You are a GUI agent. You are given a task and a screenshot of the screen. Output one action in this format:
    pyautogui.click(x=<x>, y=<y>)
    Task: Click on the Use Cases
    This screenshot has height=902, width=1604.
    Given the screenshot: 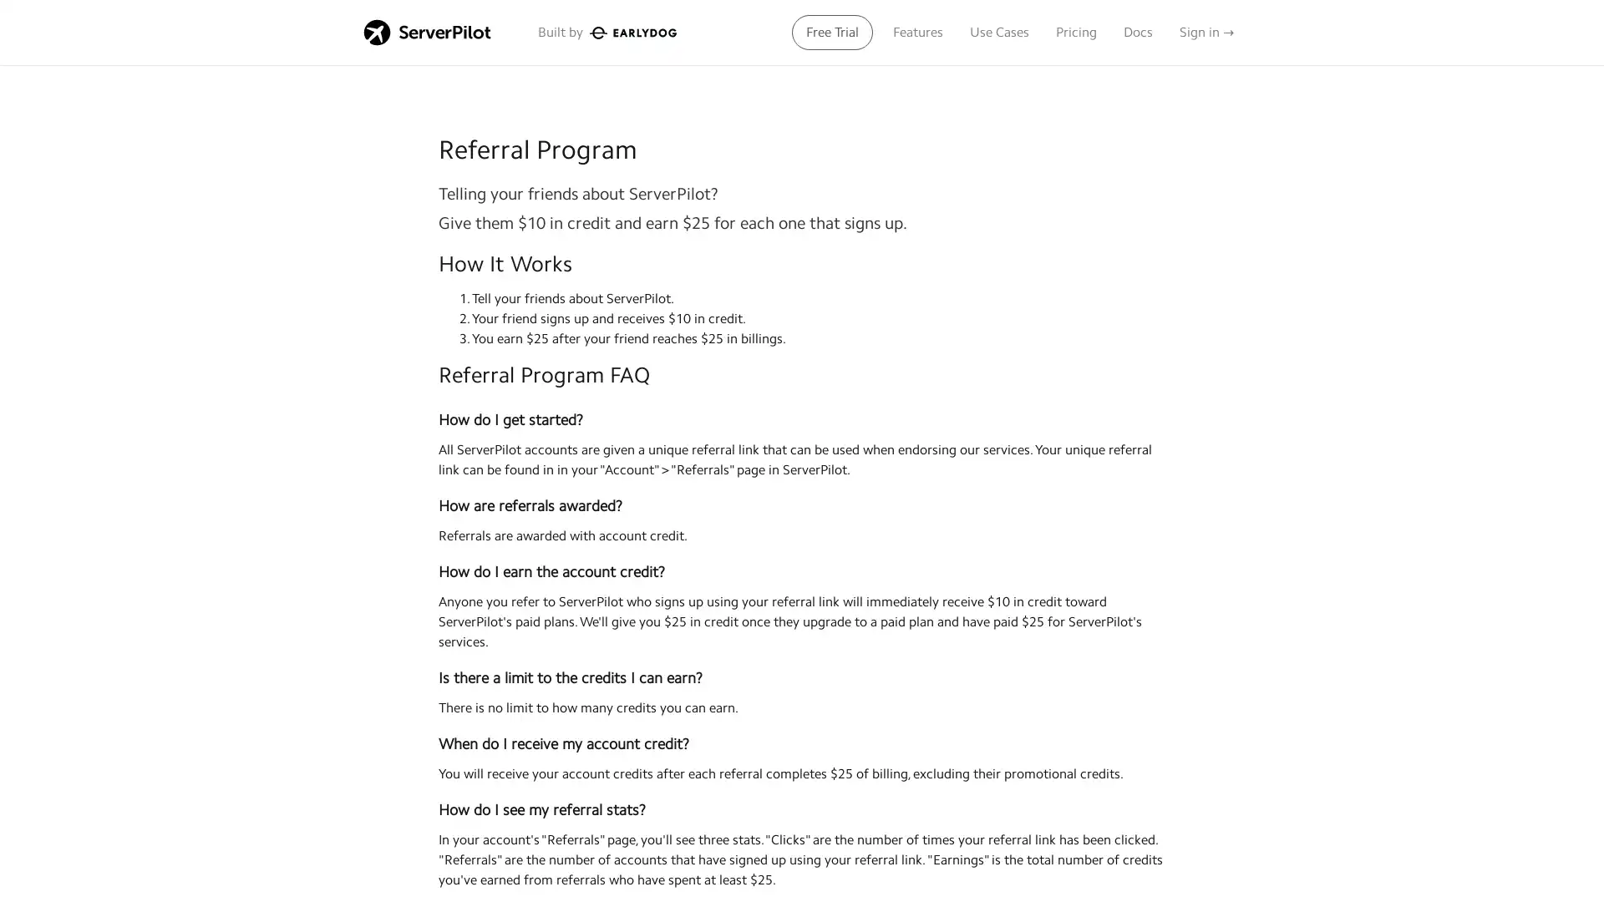 What is the action you would take?
    pyautogui.click(x=999, y=32)
    